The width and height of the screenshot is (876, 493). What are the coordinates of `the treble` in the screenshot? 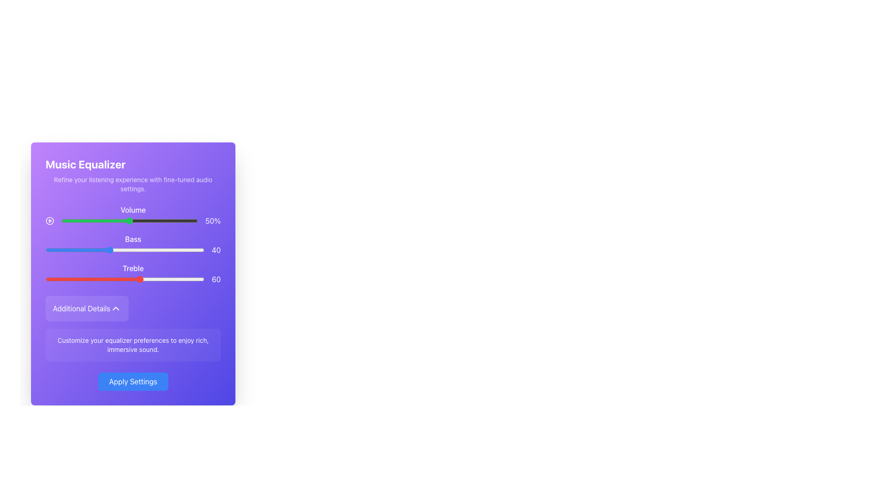 It's located at (126, 279).